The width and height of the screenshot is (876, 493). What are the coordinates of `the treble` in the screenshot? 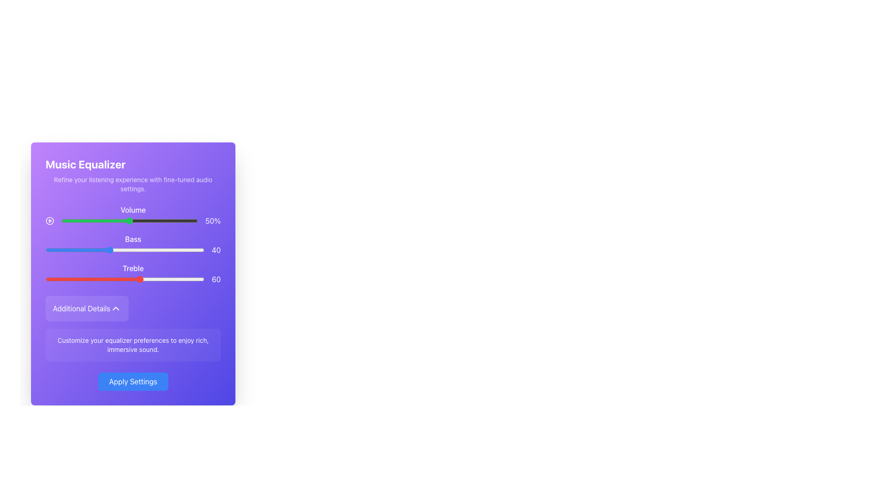 It's located at (126, 279).